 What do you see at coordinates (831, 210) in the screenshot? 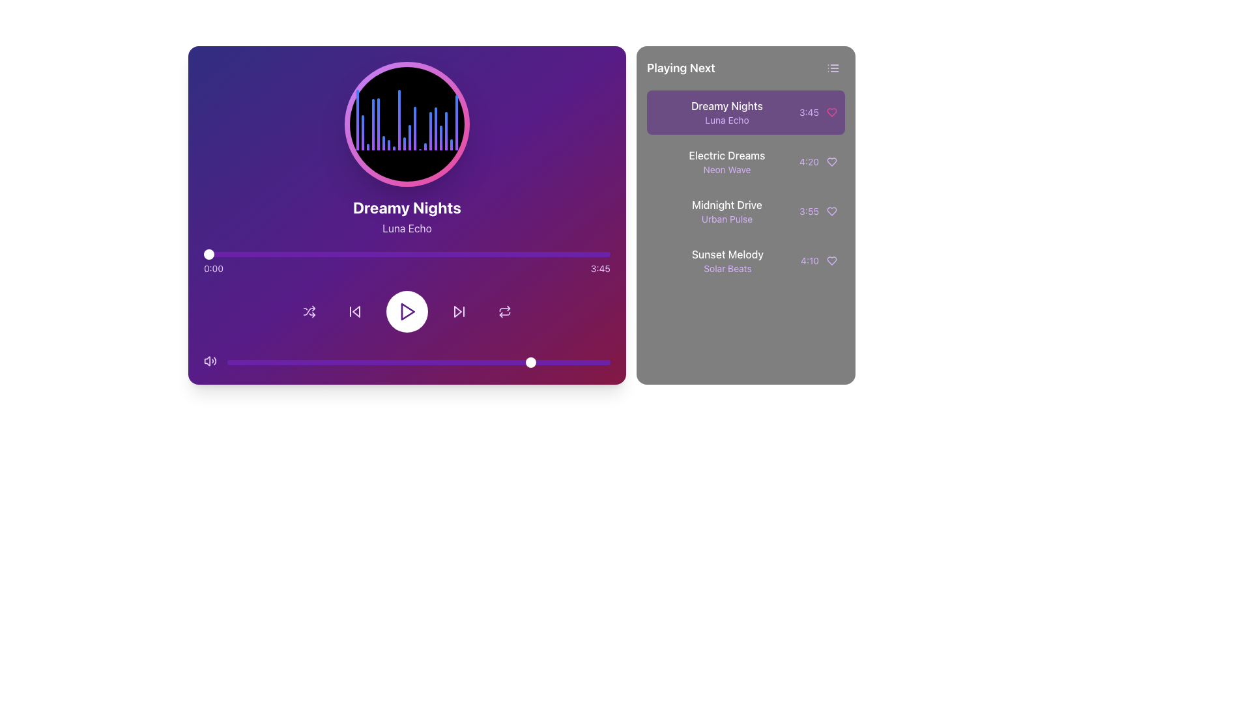
I see `the heart icon button to favorite or unfavorite the song 'Midnight Drive', which is located below 'Electric Dreams' and above 'Sunset Melody' in the 'Playing Next' section` at bounding box center [831, 210].